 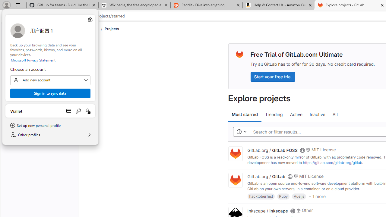 What do you see at coordinates (298, 210) in the screenshot?
I see `'Class: s14 gl-mr-2'` at bounding box center [298, 210].